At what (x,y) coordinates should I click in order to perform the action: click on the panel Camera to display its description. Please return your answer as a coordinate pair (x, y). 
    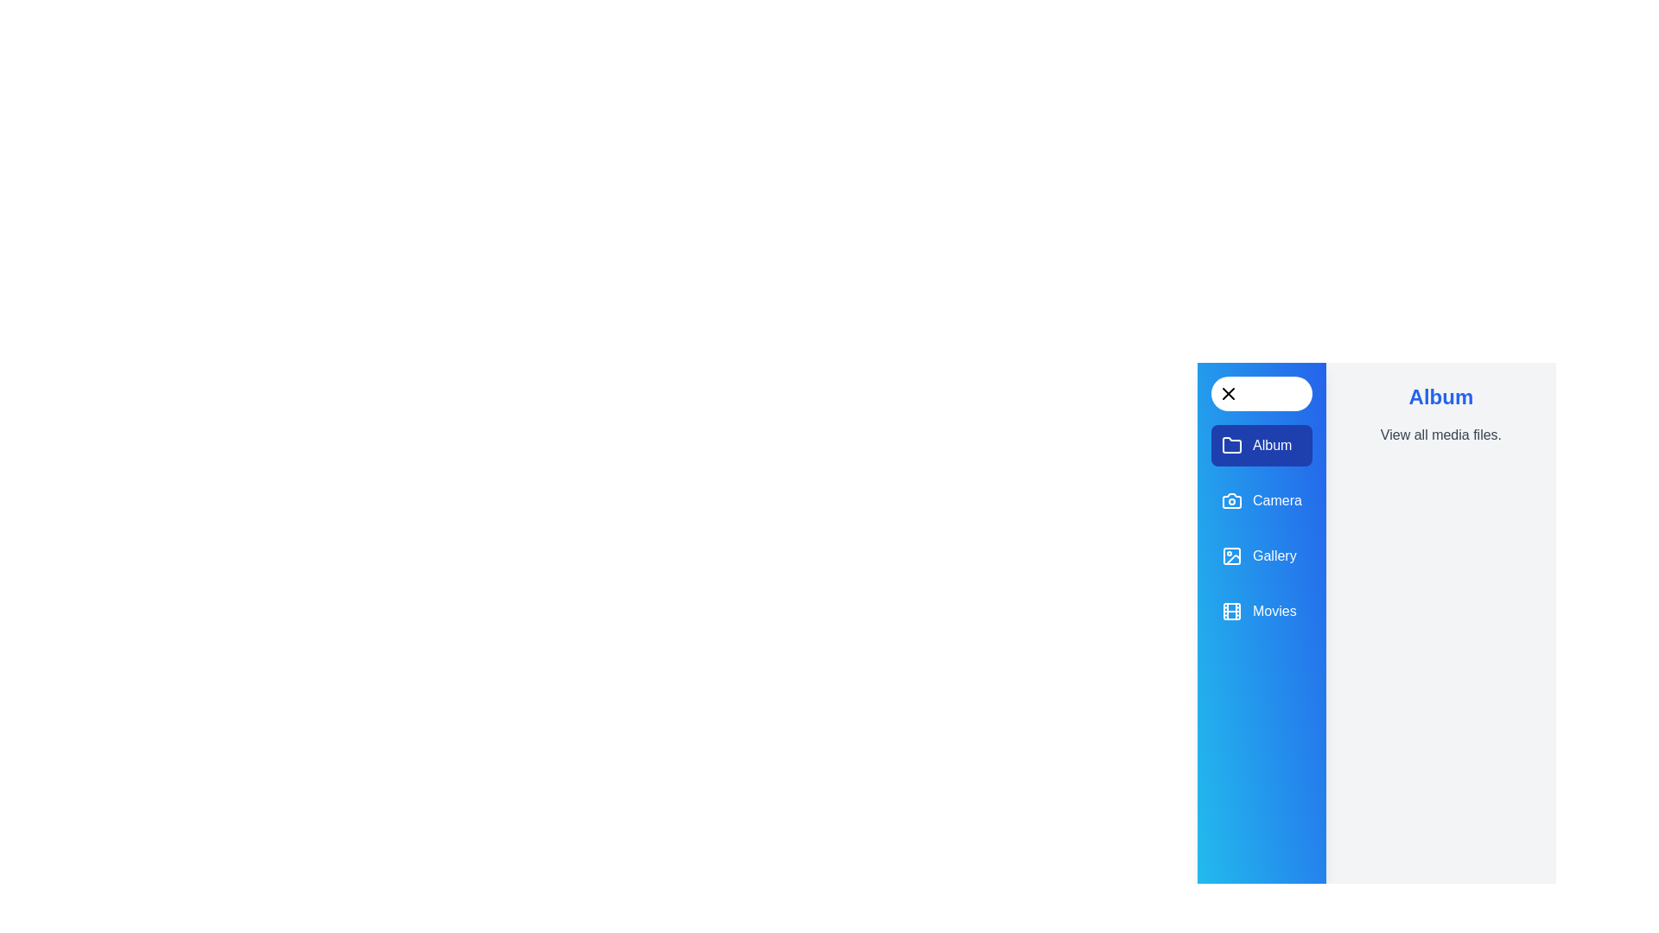
    Looking at the image, I should click on (1262, 500).